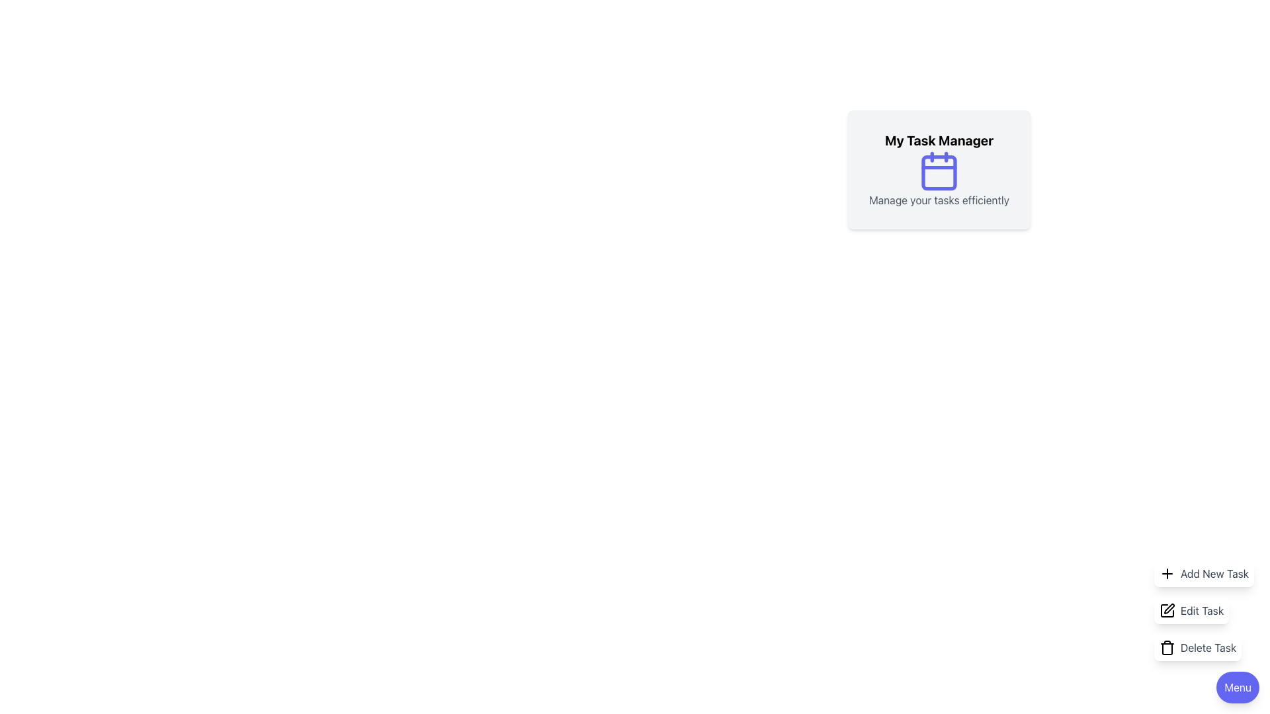 This screenshot has width=1270, height=714. What do you see at coordinates (939, 170) in the screenshot?
I see `the decorative icon related to task or calendar management, which is centrally positioned beneath the heading 'My Task Manager' and above the sentence 'Manage your tasks efficiently'` at bounding box center [939, 170].